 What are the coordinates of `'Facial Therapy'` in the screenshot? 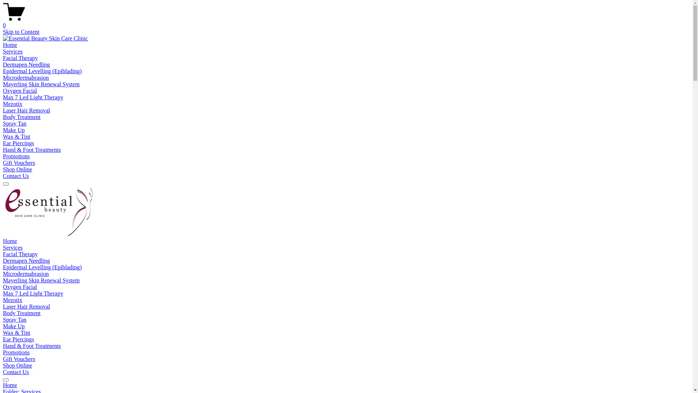 It's located at (20, 57).